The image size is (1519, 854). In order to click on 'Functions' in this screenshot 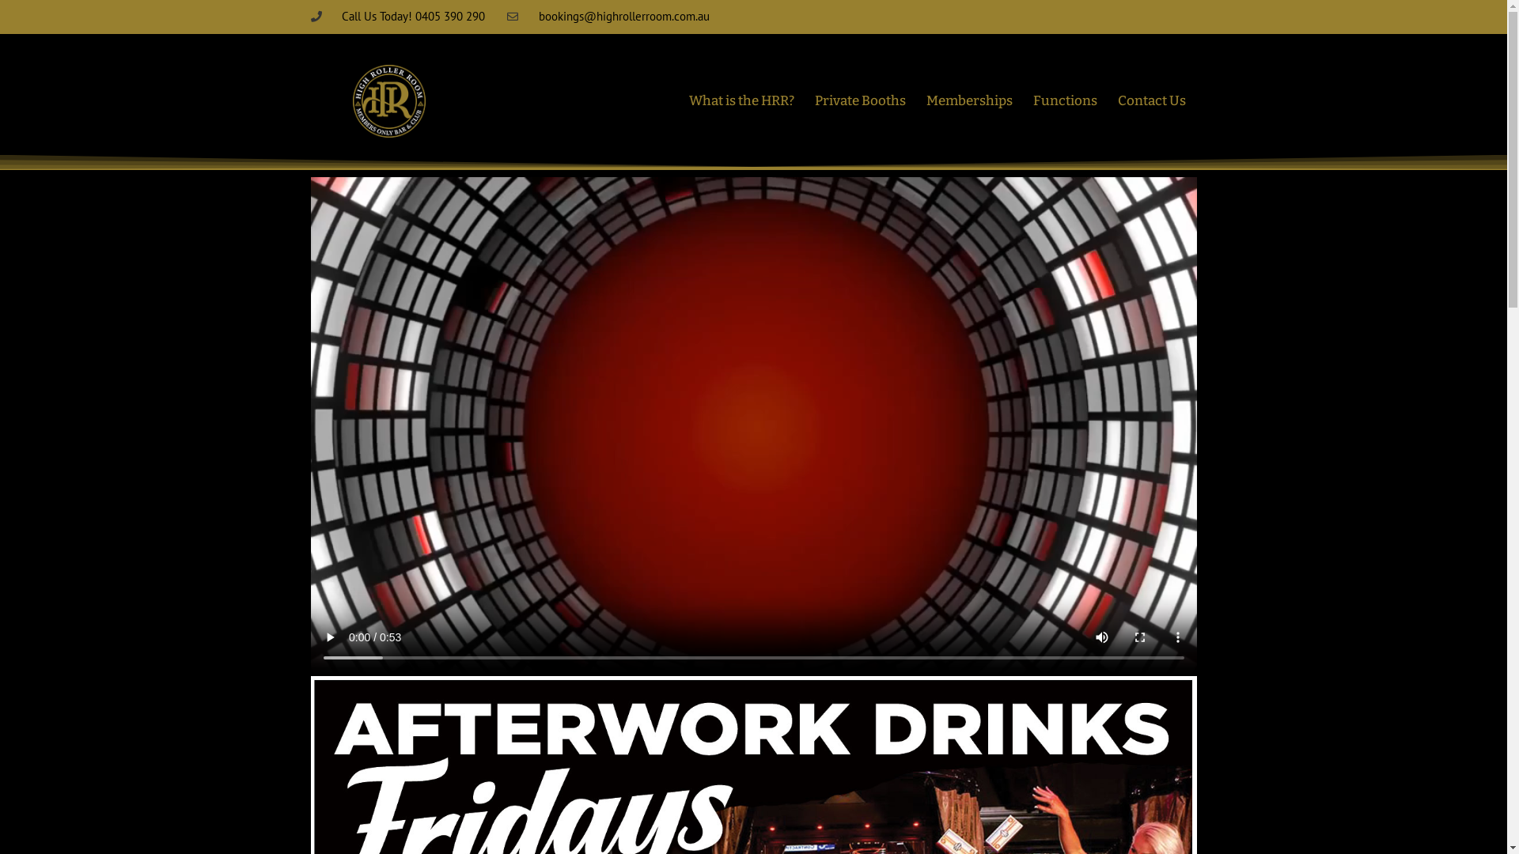, I will do `click(1065, 100)`.